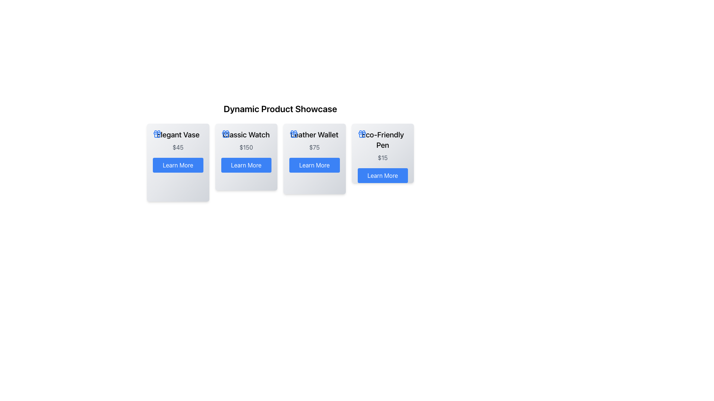 The image size is (714, 401). I want to click on product details displayed on the 'Elegant Vase' interactive content card, which is the first item in the grid layout of the 'Dynamic Product Showcase', so click(177, 162).